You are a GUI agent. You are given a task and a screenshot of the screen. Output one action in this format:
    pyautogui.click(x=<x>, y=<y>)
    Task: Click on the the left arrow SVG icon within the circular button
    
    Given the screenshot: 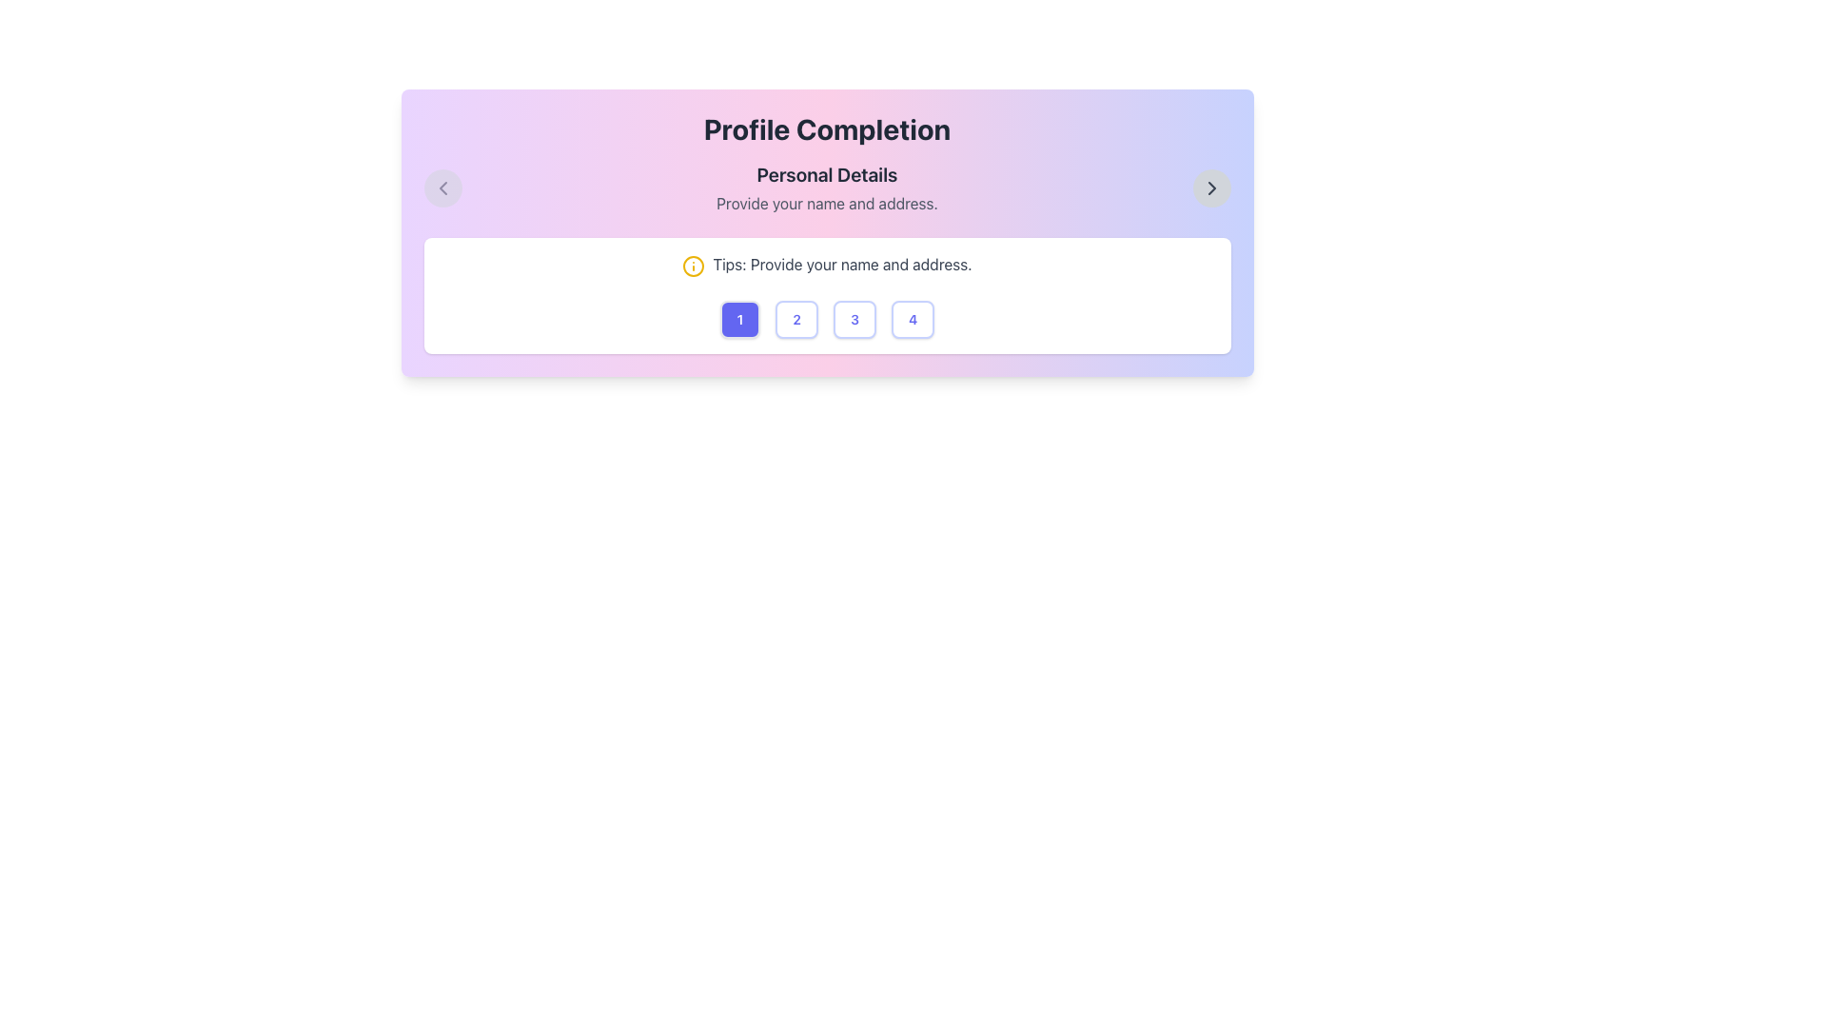 What is the action you would take?
    pyautogui.click(x=442, y=188)
    